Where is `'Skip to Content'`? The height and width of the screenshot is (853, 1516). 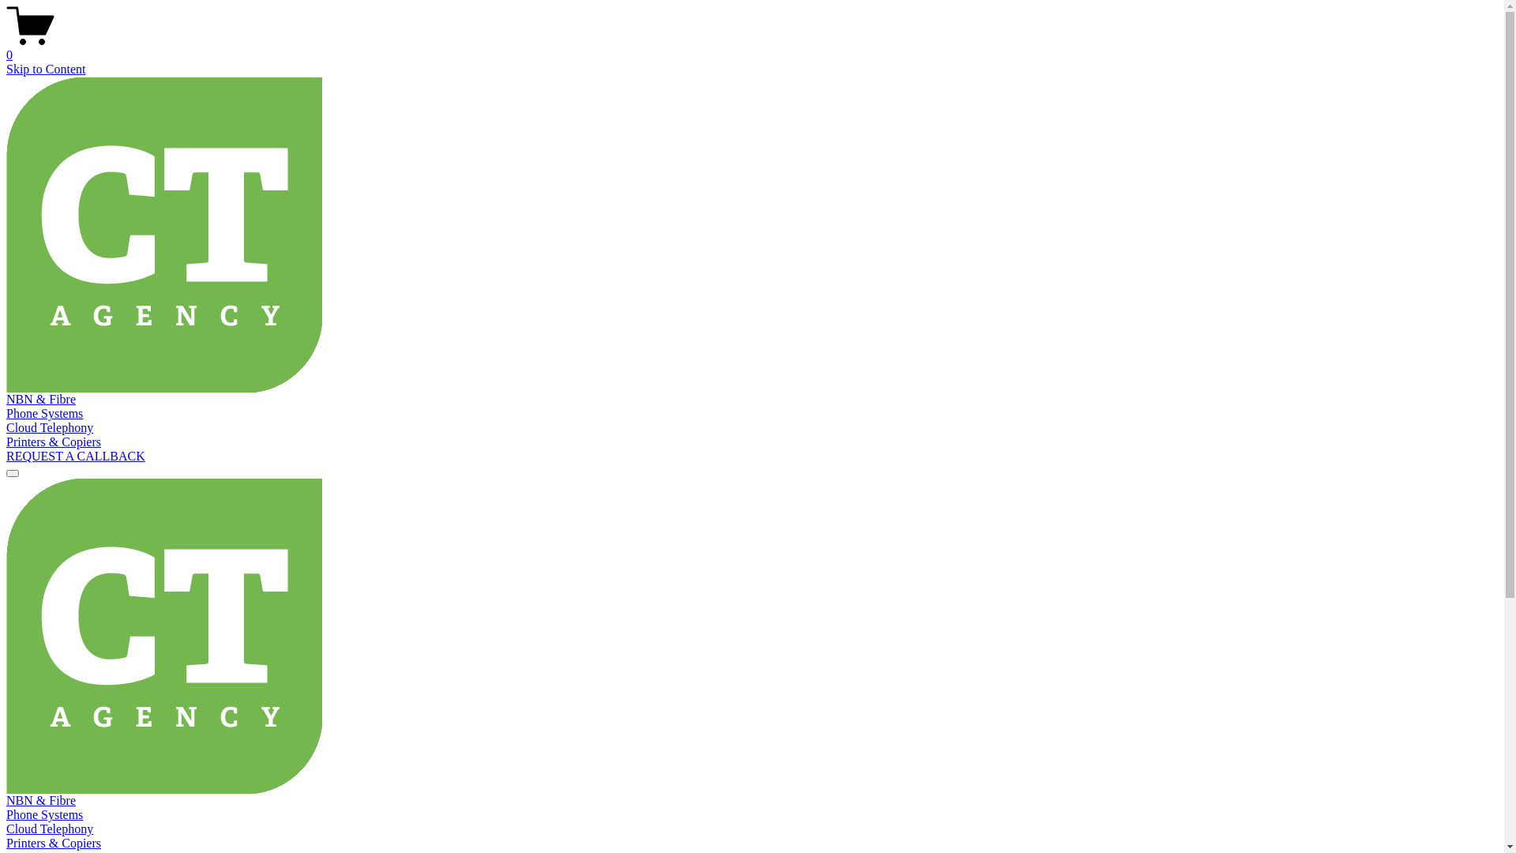
'Skip to Content' is located at coordinates (6, 68).